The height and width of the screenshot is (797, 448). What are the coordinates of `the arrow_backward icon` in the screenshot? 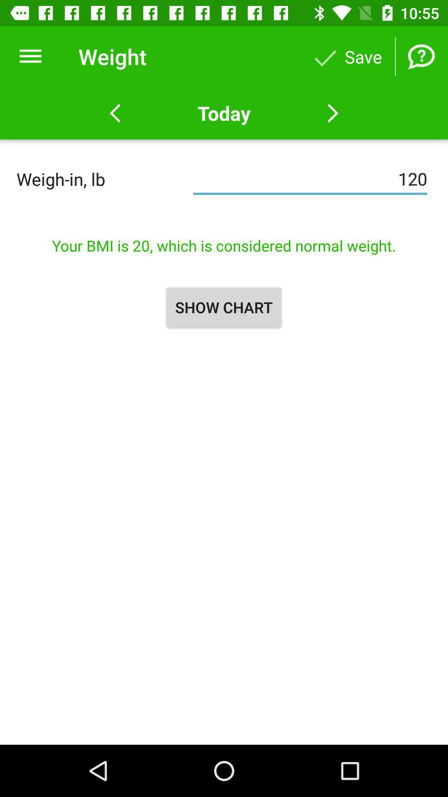 It's located at (115, 113).